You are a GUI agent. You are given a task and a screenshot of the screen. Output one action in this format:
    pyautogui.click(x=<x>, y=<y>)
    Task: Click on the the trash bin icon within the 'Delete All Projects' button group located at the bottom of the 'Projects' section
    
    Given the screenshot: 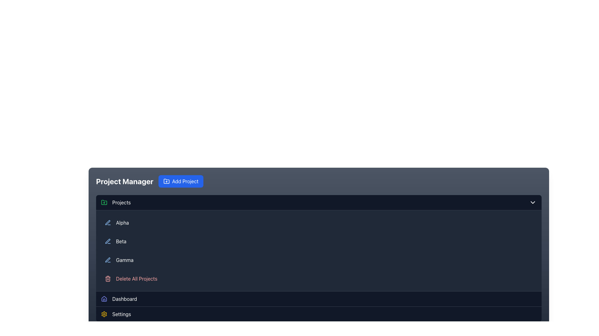 What is the action you would take?
    pyautogui.click(x=108, y=278)
    